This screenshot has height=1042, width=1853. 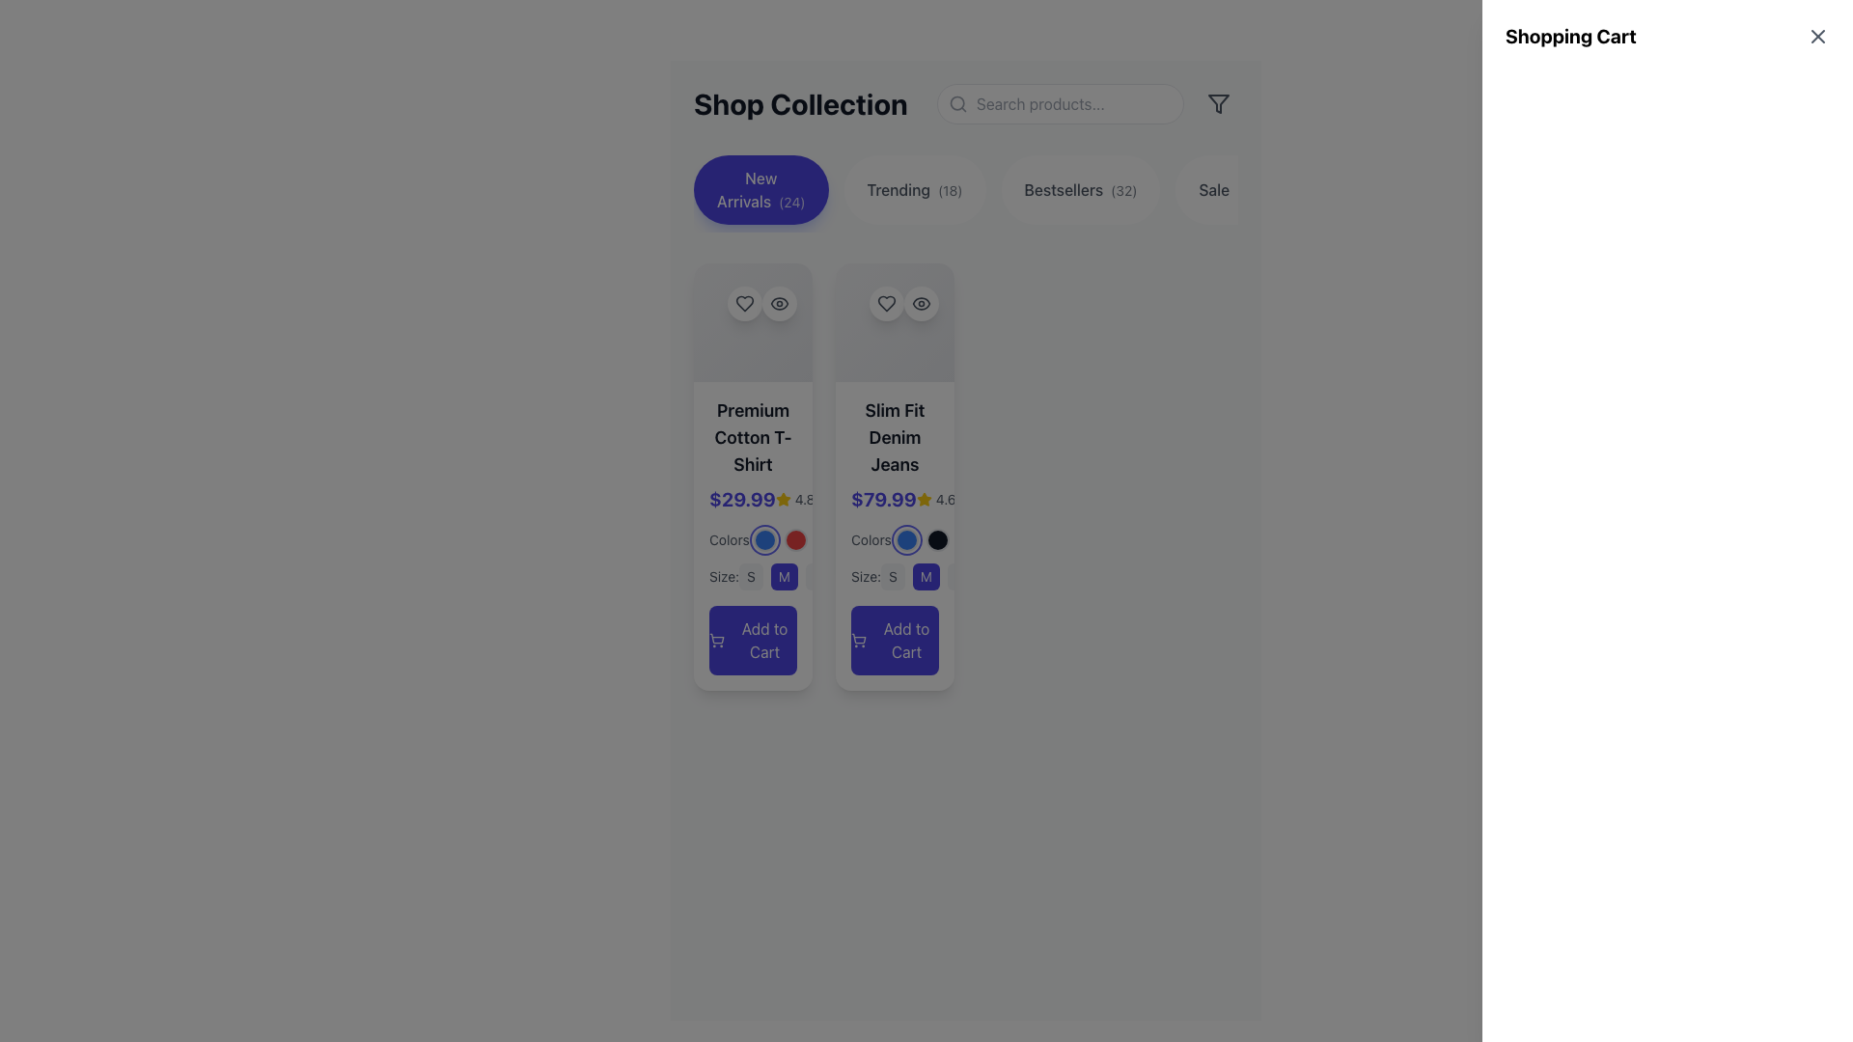 I want to click on the second circular icon representing the red color option for the 'Premium Cotton T-Shirt', so click(x=795, y=539).